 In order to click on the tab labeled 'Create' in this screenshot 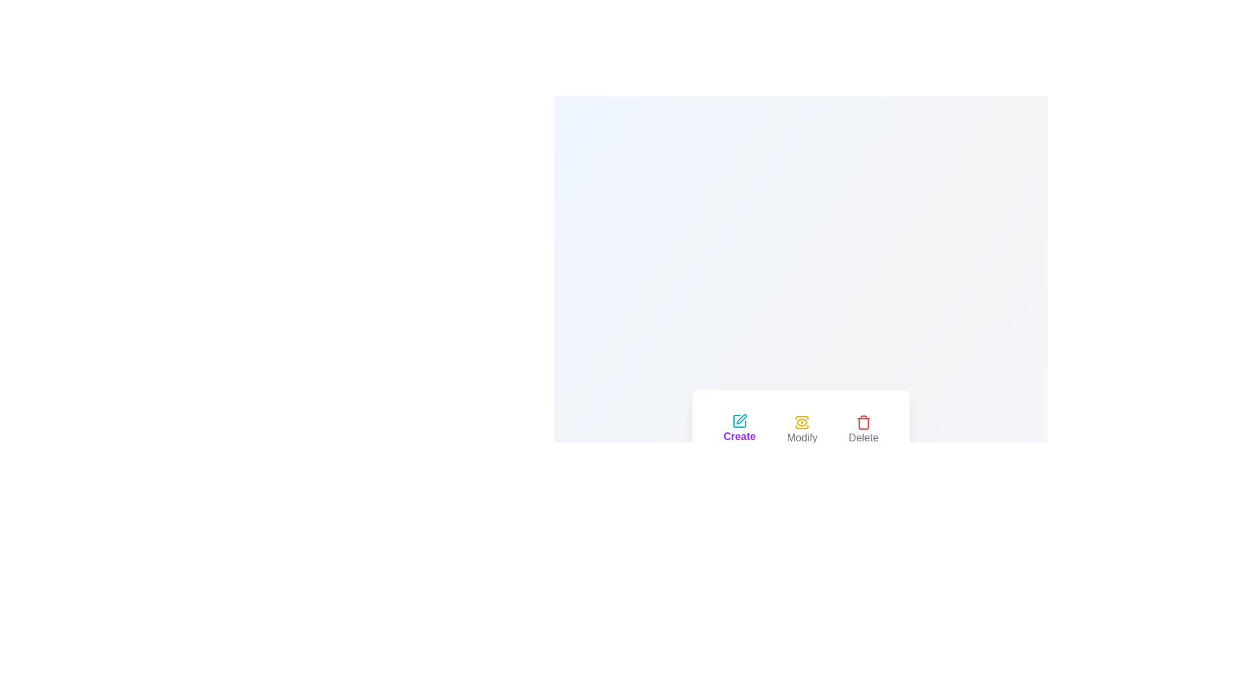, I will do `click(739, 430)`.